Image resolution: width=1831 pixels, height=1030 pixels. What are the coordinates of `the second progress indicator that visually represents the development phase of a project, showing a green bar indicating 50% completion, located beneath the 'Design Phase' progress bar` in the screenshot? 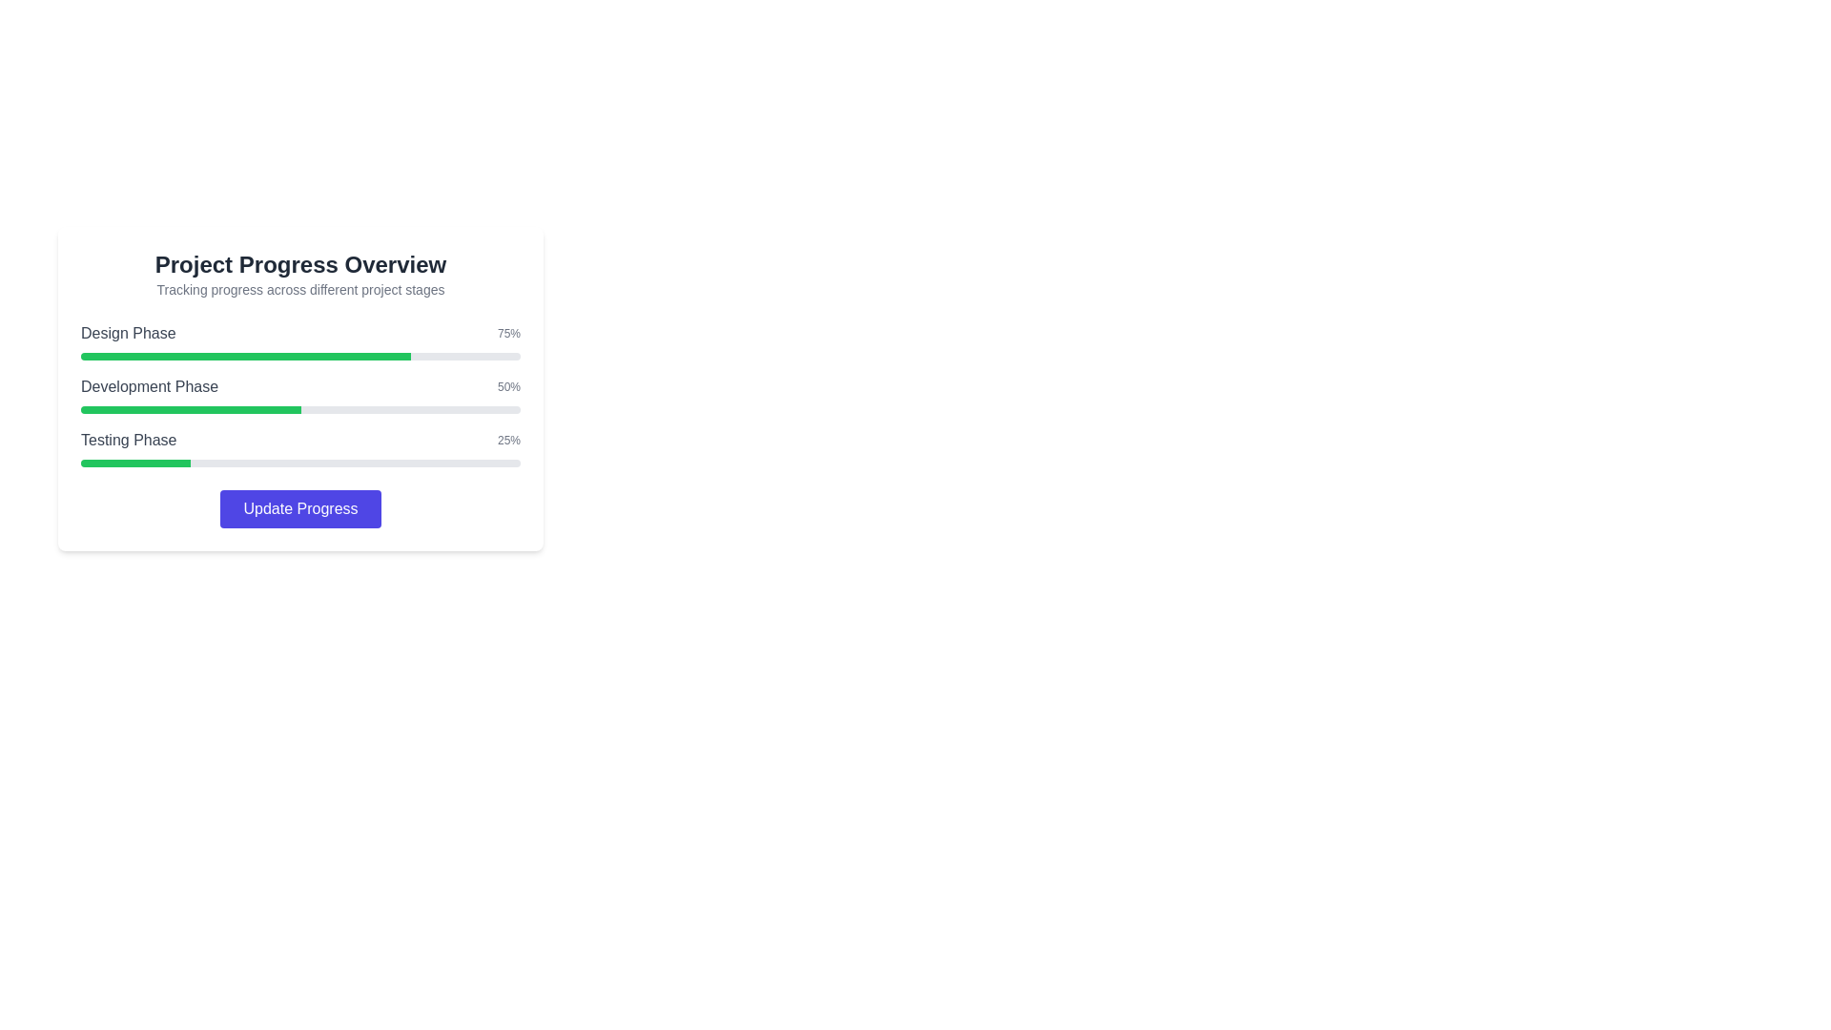 It's located at (299, 393).